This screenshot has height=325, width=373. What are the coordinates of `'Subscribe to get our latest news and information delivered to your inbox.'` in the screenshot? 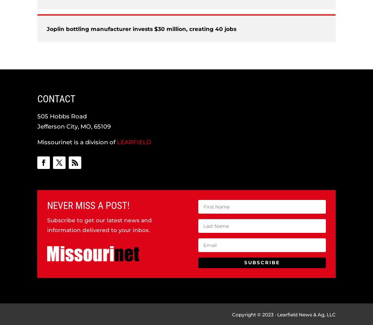 It's located at (99, 224).